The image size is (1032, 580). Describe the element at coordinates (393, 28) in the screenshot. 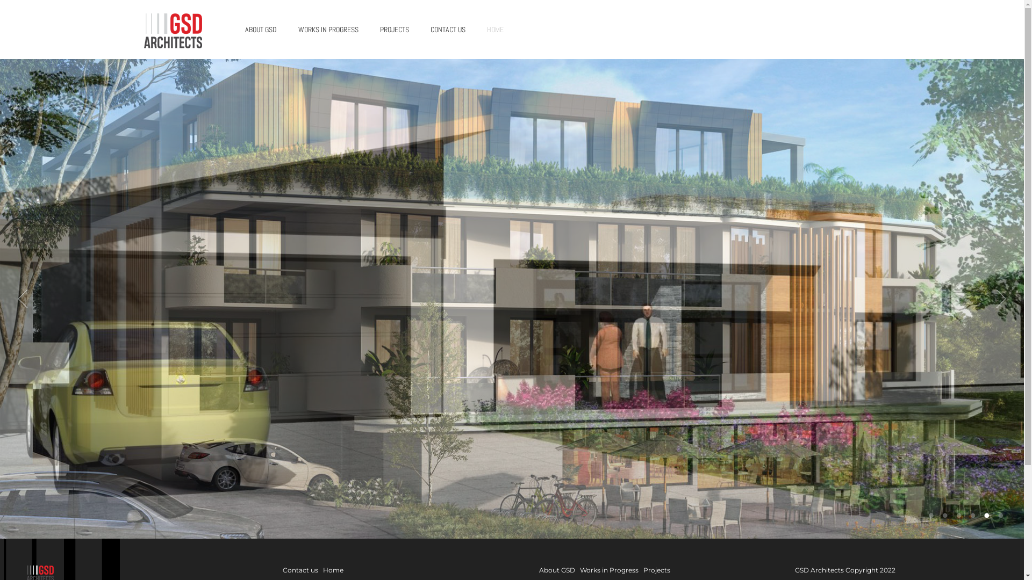

I see `'PROJECTS'` at that location.